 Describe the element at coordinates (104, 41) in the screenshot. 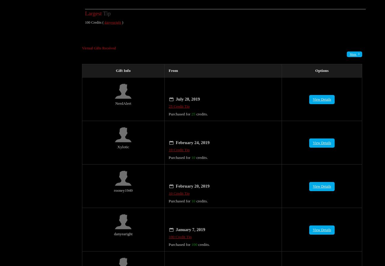

I see `'Gifts Received'` at that location.